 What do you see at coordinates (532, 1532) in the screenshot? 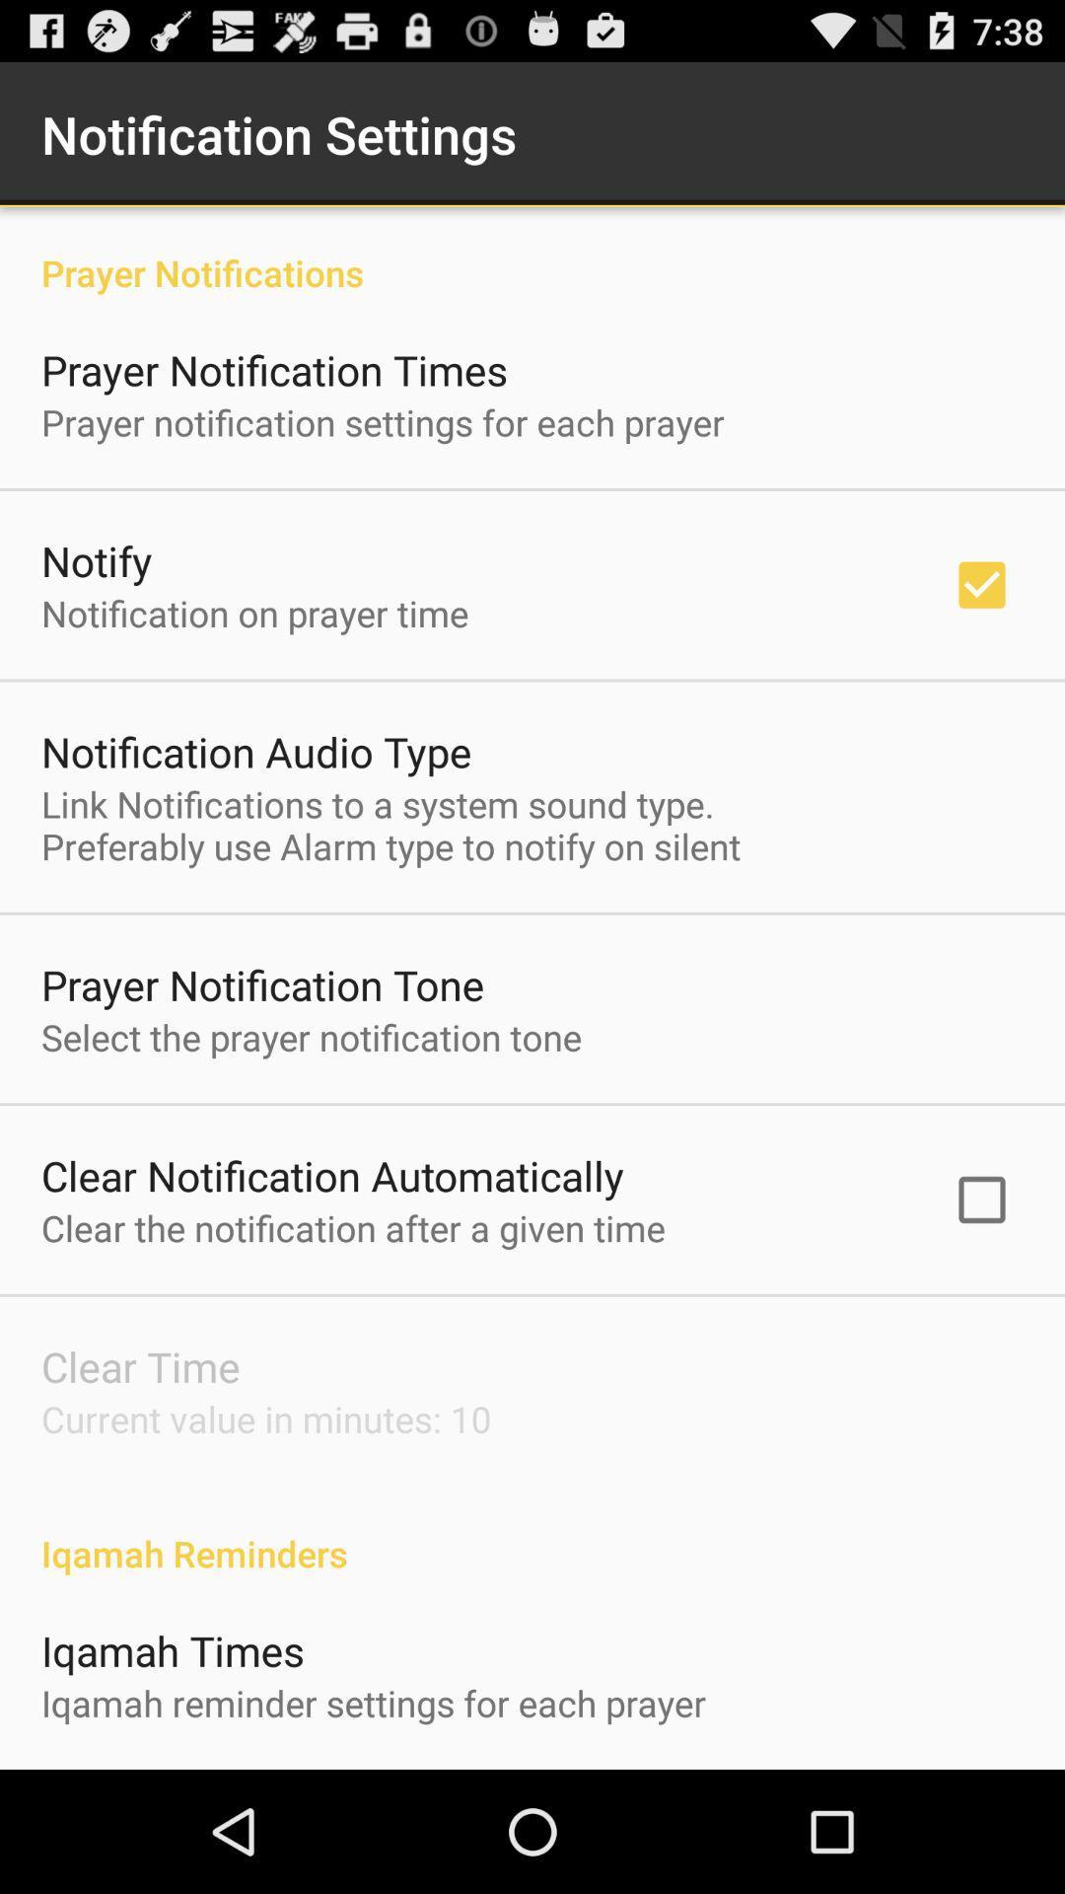
I see `the item above iqamah times` at bounding box center [532, 1532].